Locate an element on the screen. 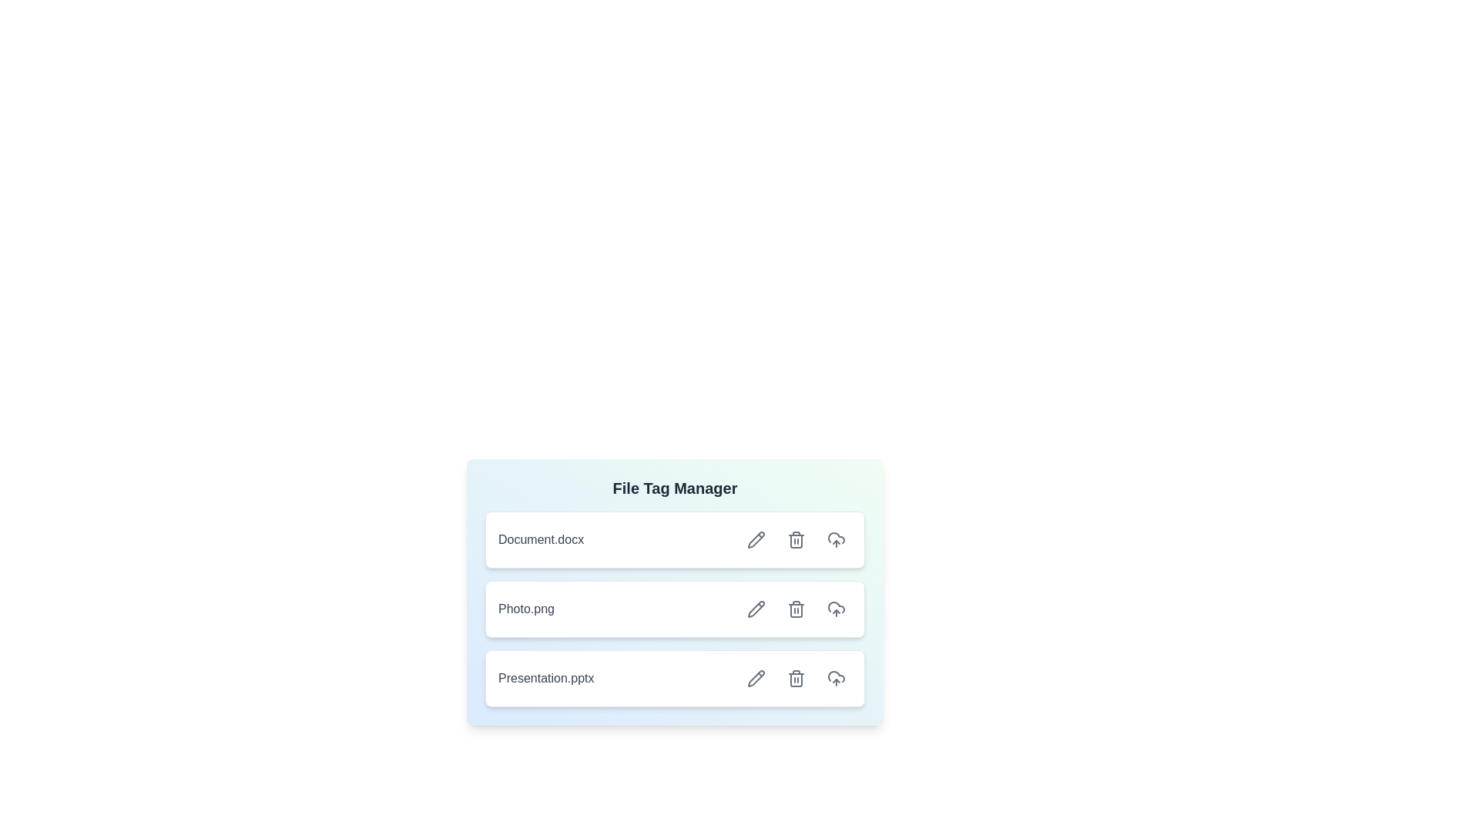  delete button for the file labeled 'Presentation.pptx' is located at coordinates (796, 677).